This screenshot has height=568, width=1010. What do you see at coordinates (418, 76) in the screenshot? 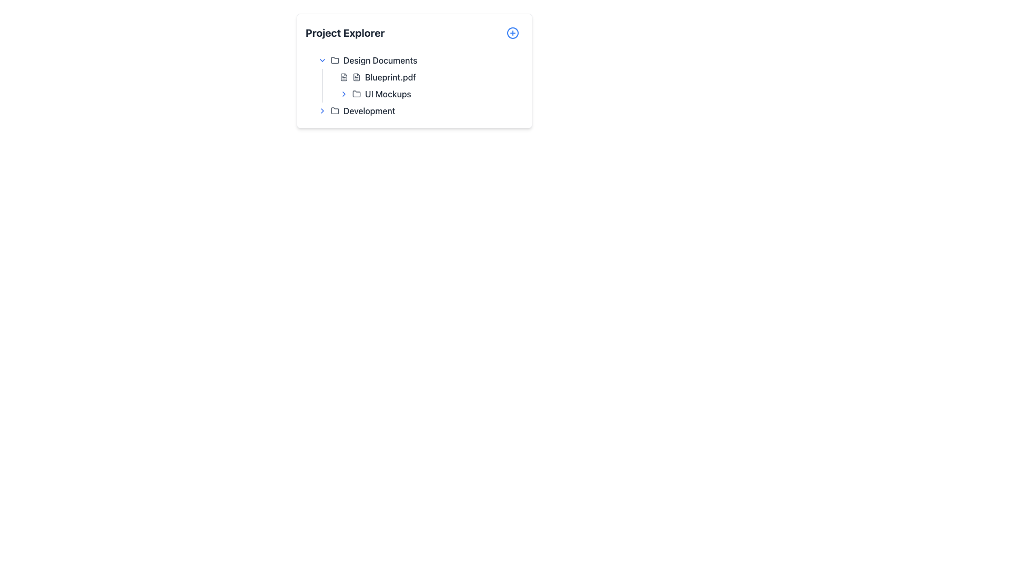
I see `the second list item under the 'Design Documents' folder, which contains nested contents for 'Blueprint.pdf' and 'UI Mockups', using the mouse` at bounding box center [418, 76].